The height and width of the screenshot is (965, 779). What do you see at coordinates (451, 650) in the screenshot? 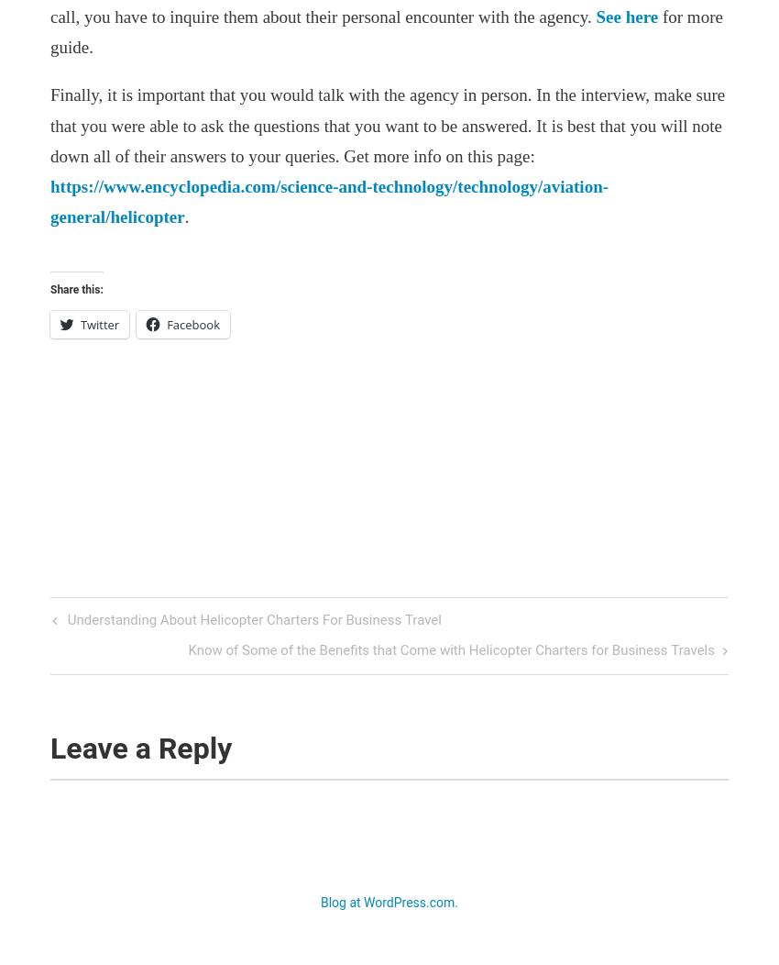
I see `'Know of Some of the Benefits that Come with Helicopter Charters for Business Travels'` at bounding box center [451, 650].